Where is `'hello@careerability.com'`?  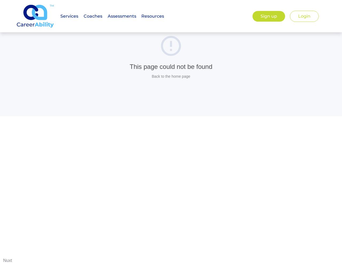
'hello@careerability.com' is located at coordinates (274, 84).